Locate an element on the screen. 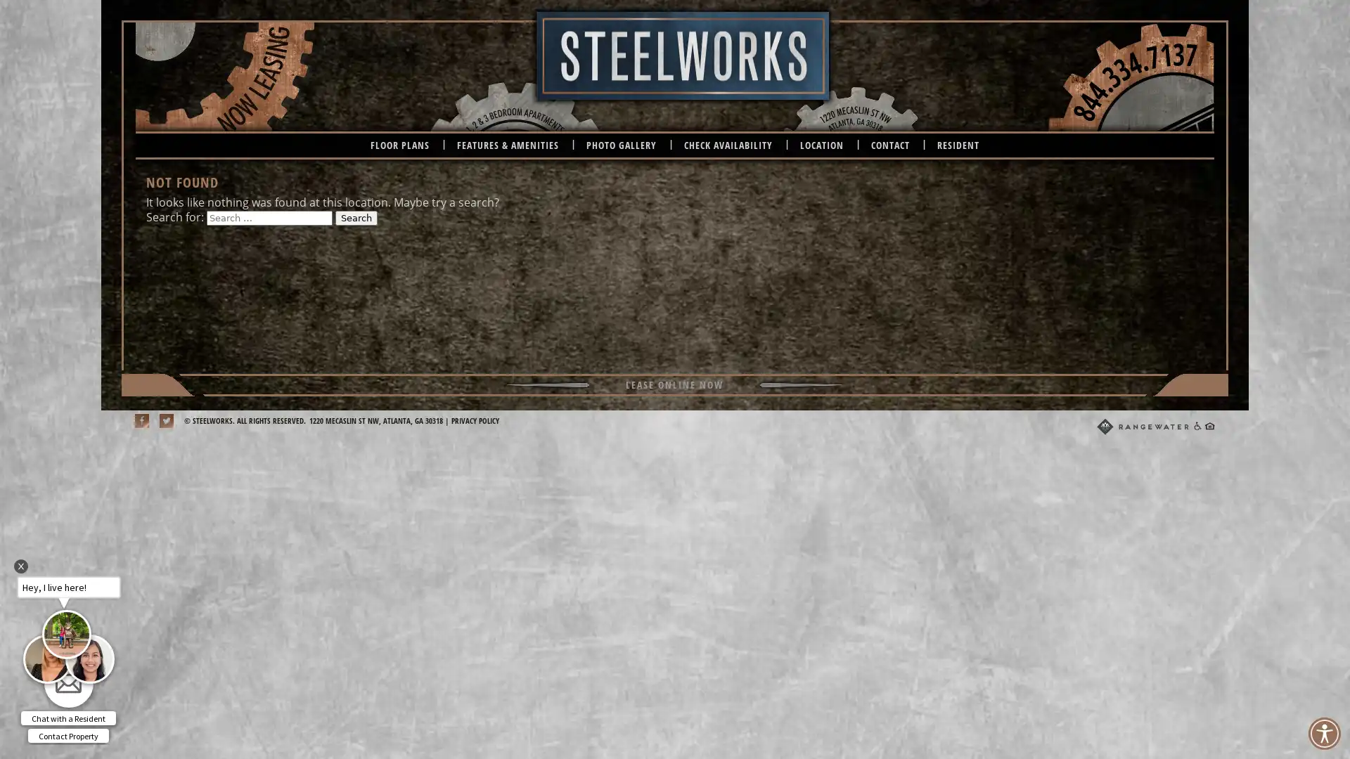 Image resolution: width=1350 pixels, height=759 pixels. Search is located at coordinates (355, 217).